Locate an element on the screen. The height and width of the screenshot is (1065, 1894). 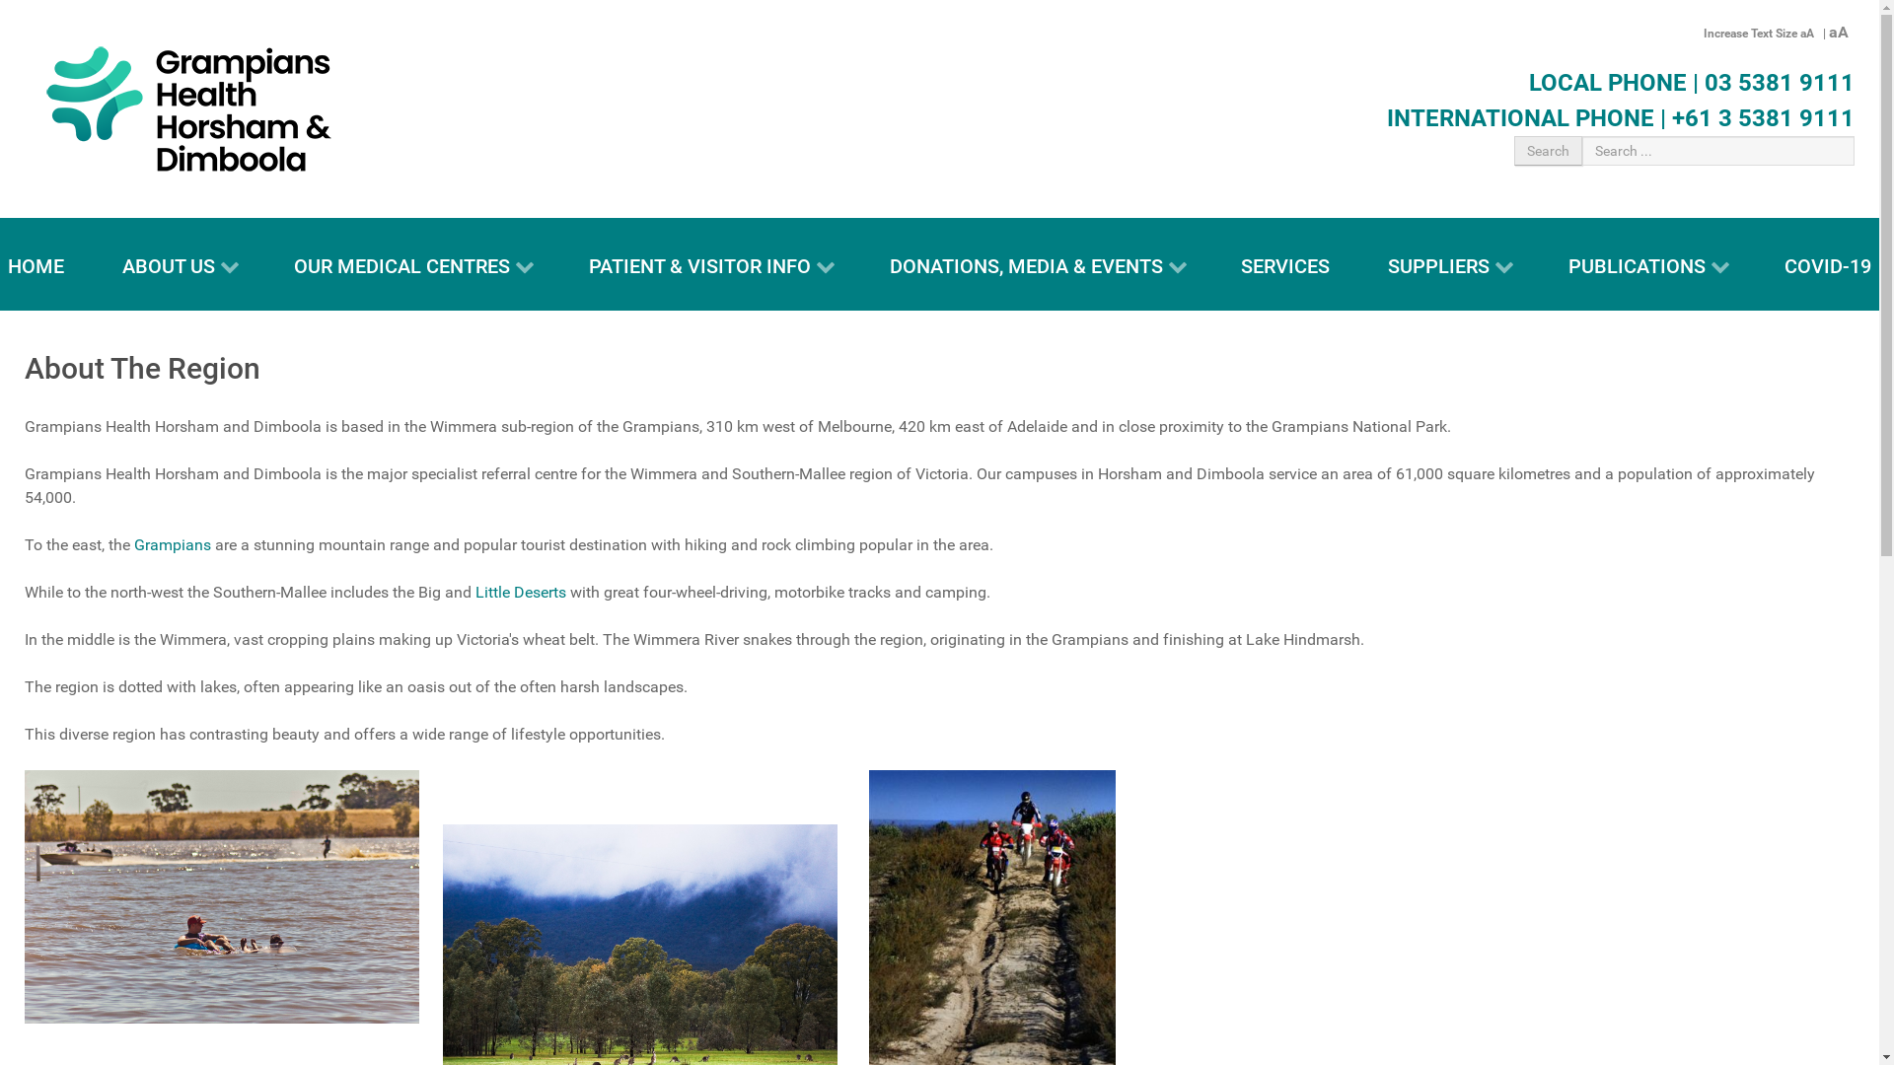
'ABOUT US' is located at coordinates (179, 262).